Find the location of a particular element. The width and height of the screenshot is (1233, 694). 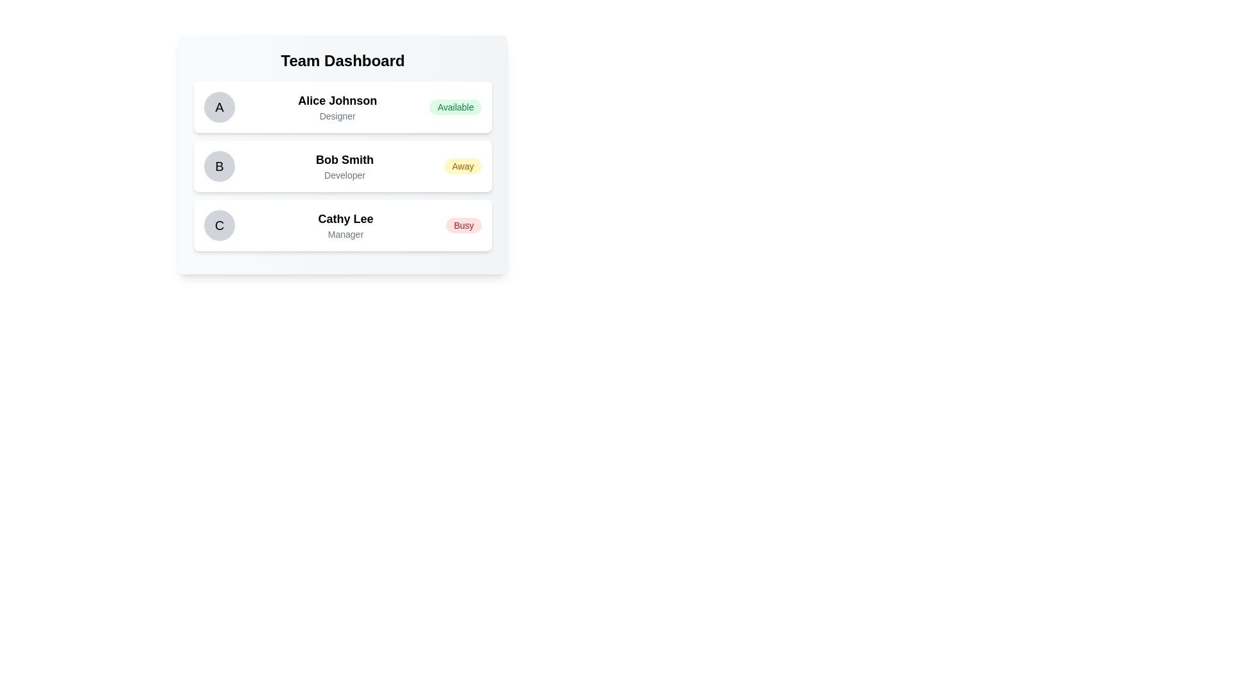

the Text label that indicates the role or title associated with 'Alice Johnson' is located at coordinates (337, 116).